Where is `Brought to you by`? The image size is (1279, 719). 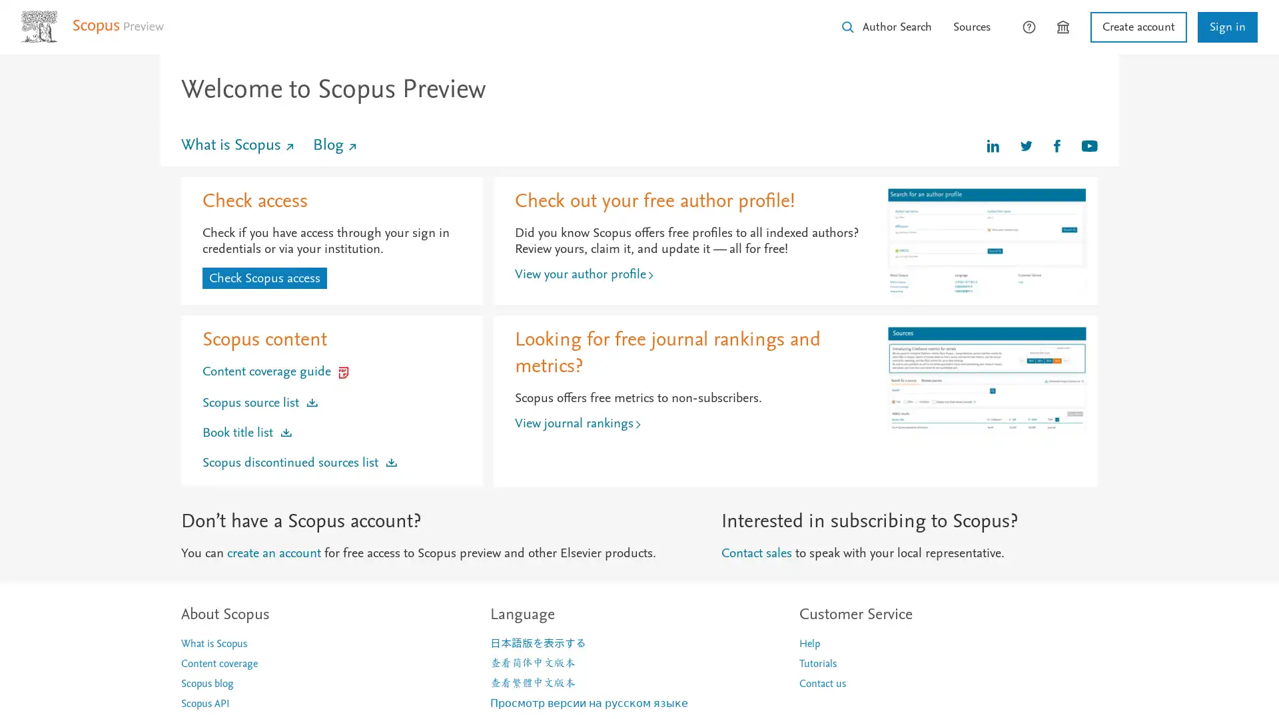 Brought to you by is located at coordinates (1062, 27).